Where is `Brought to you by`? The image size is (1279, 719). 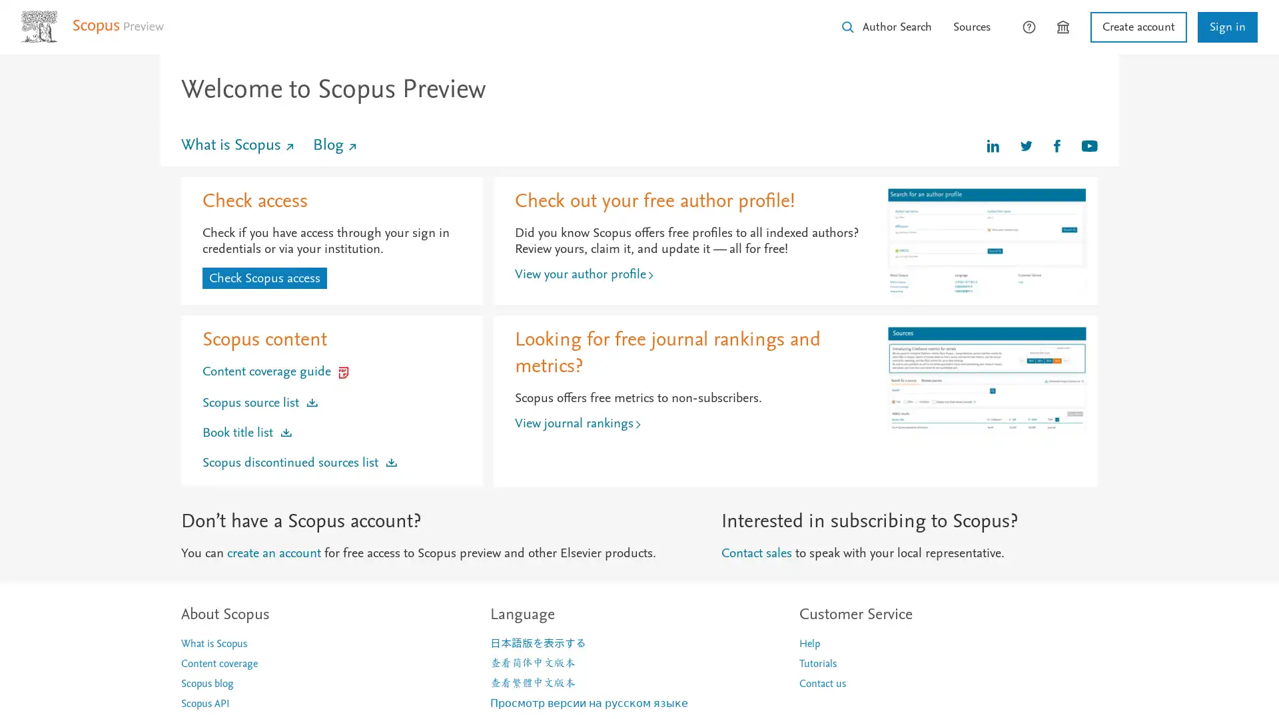 Brought to you by is located at coordinates (1062, 27).